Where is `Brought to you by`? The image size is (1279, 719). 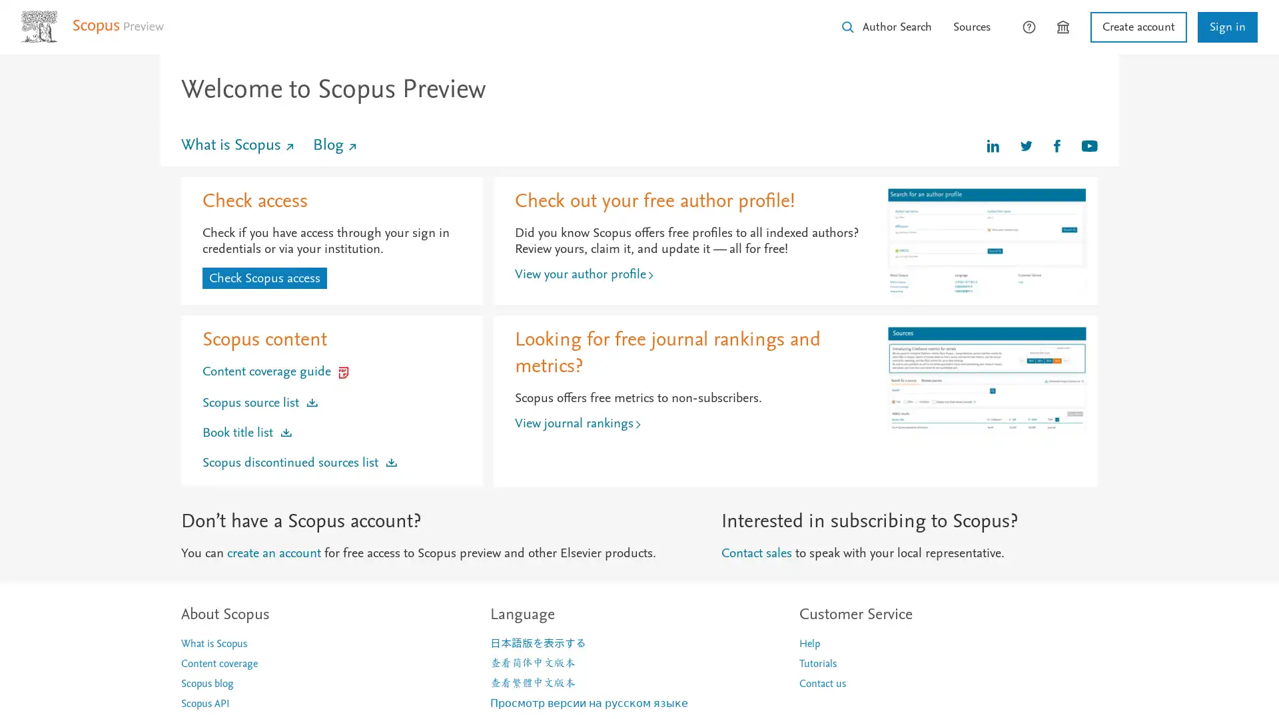 Brought to you by is located at coordinates (1062, 27).